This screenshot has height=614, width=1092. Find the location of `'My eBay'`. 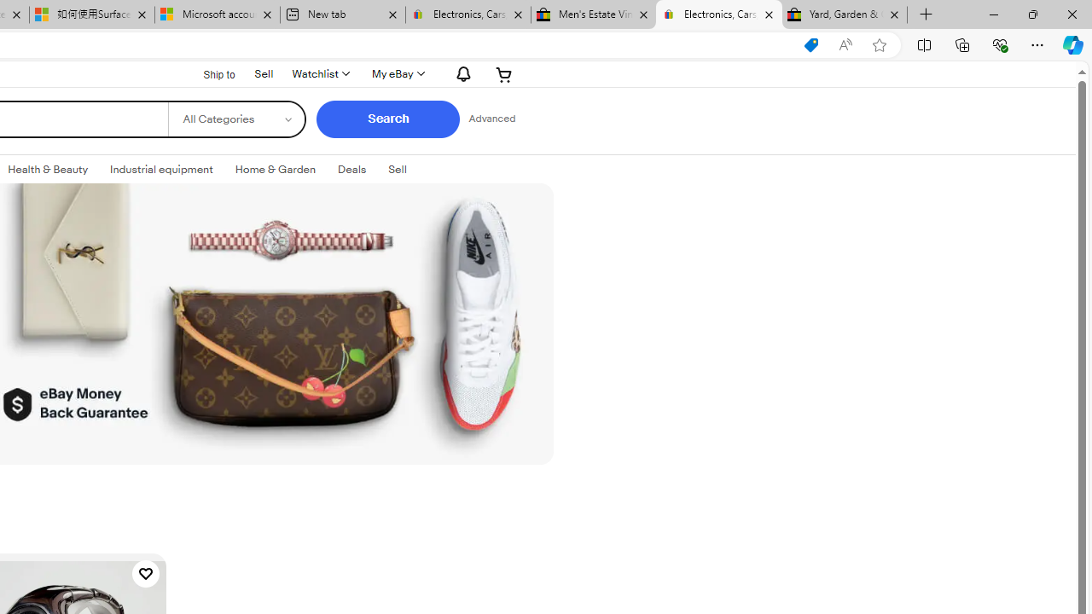

'My eBay' is located at coordinates (396, 73).